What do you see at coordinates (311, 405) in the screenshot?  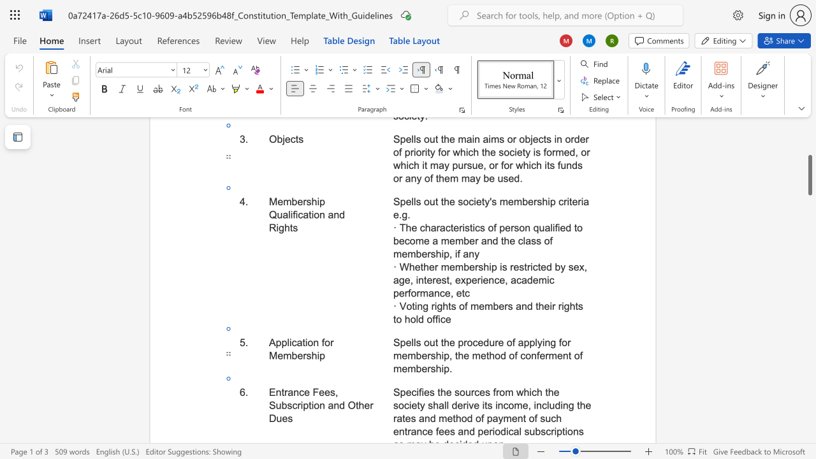 I see `the space between the continuous character "t" and "i" in the text` at bounding box center [311, 405].